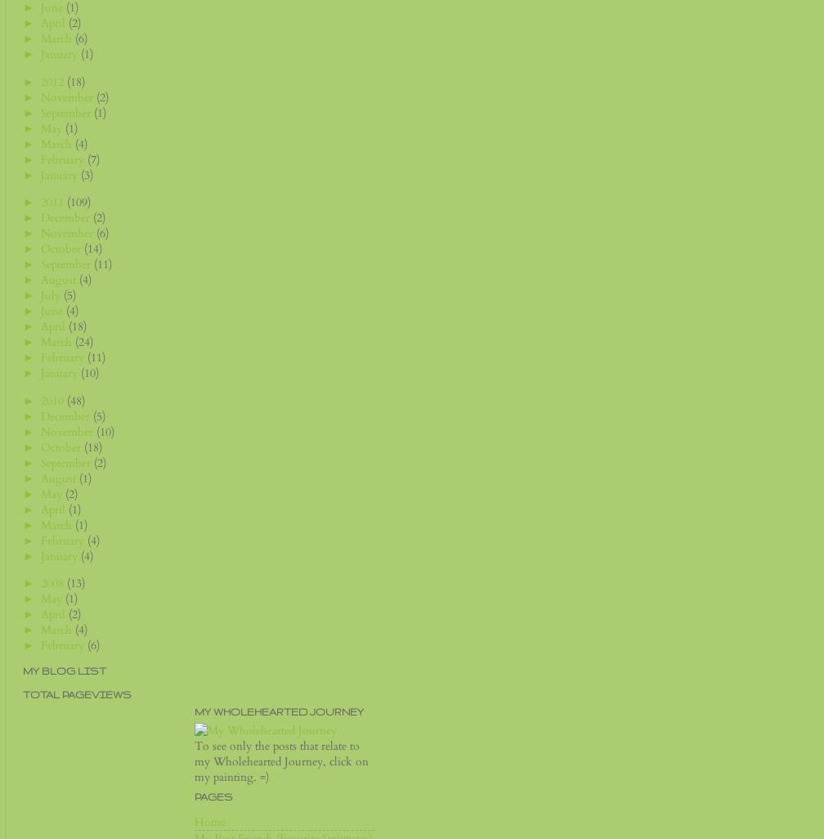  I want to click on '2008', so click(40, 581).